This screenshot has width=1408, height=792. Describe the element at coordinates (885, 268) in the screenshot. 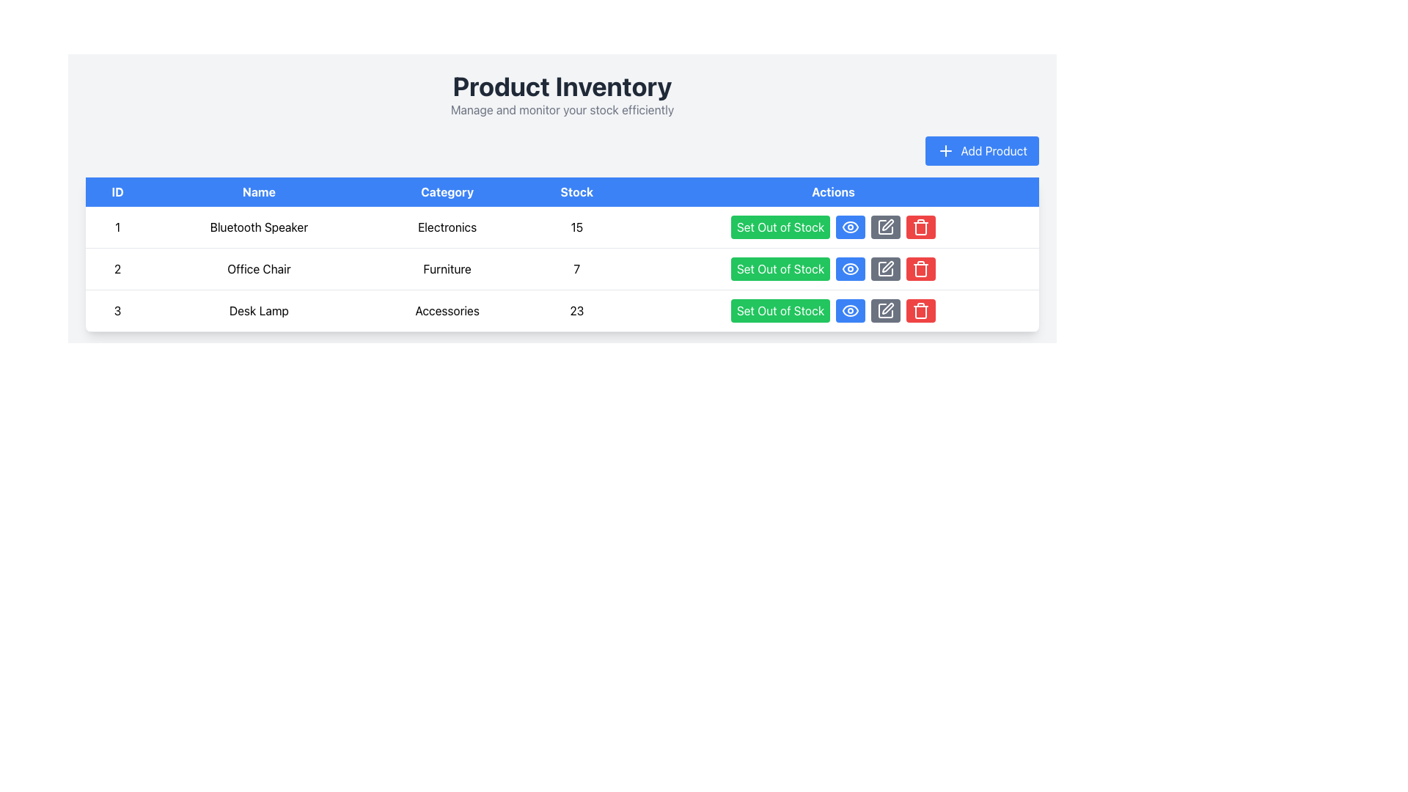

I see `the edit button located in the actions column of the third row of the product table for the 'Desk Lamp' to initiate the edit function` at that location.